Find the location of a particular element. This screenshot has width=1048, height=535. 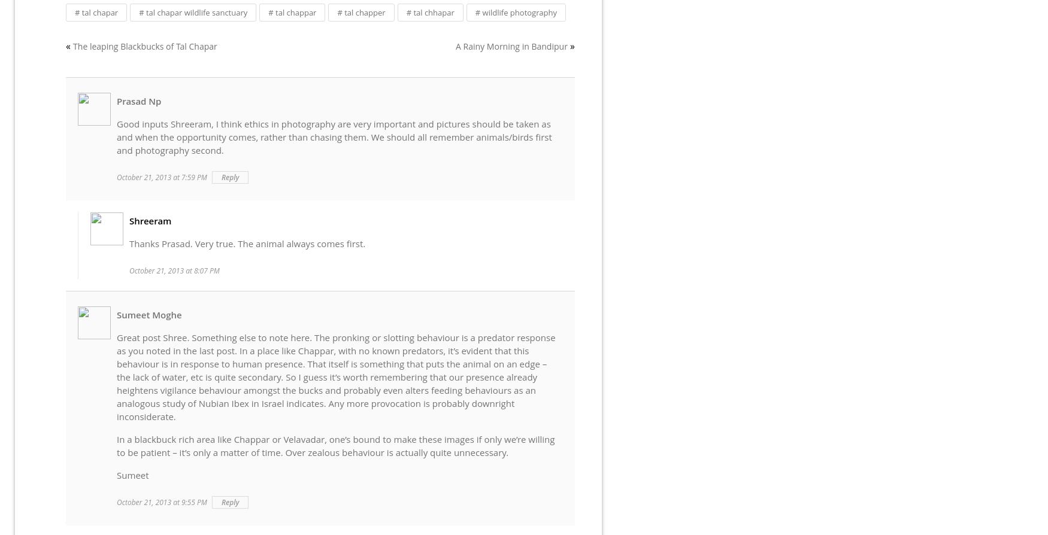

'Good inputs Shreeram, I think ethics in photography are very important and pictures should be taken as and when the opportunity comes, rather than chasing them. We should all remember animals/birds first and photography second.' is located at coordinates (334, 136).